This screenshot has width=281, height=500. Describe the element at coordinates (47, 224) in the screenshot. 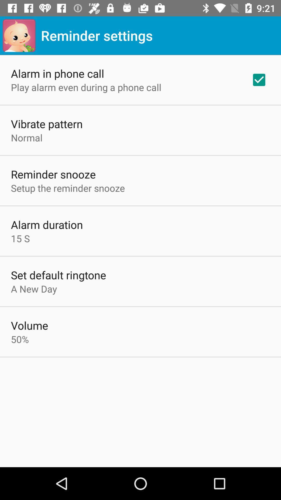

I see `the item above the 15 s app` at that location.